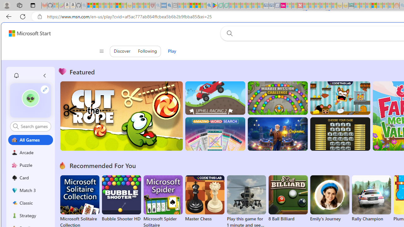  Describe the element at coordinates (172, 51) in the screenshot. I see `'Play'` at that location.